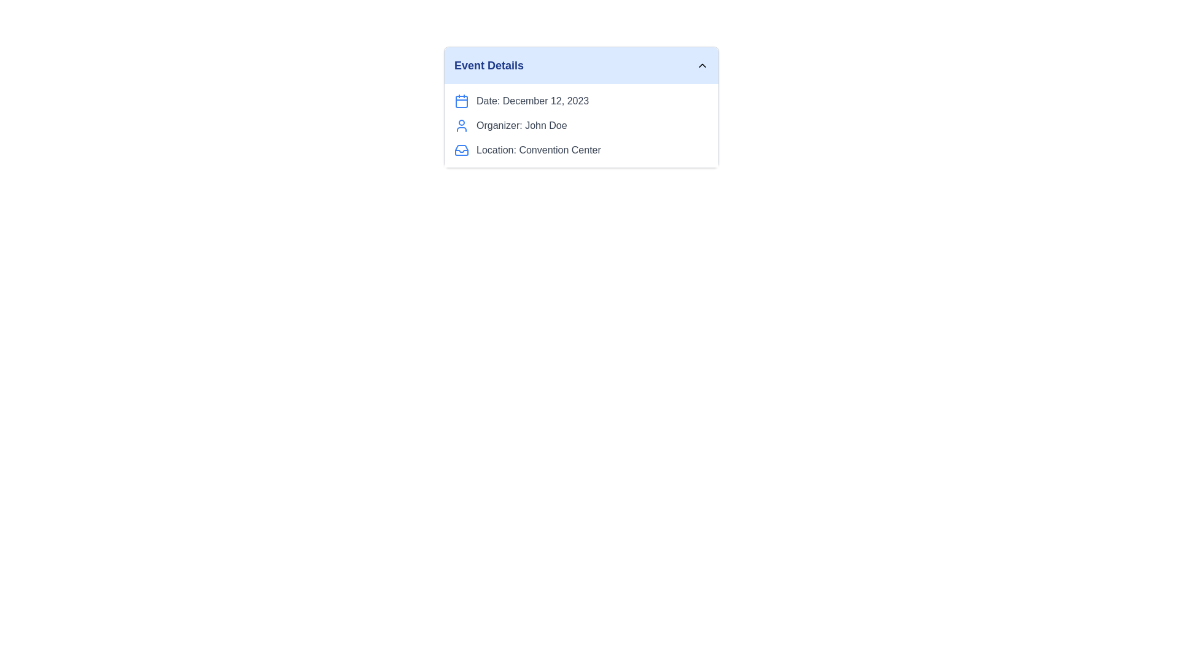 The width and height of the screenshot is (1179, 663). I want to click on the content of the Text label that serves as the title for the event details section, located at the top of the event details box, so click(488, 66).